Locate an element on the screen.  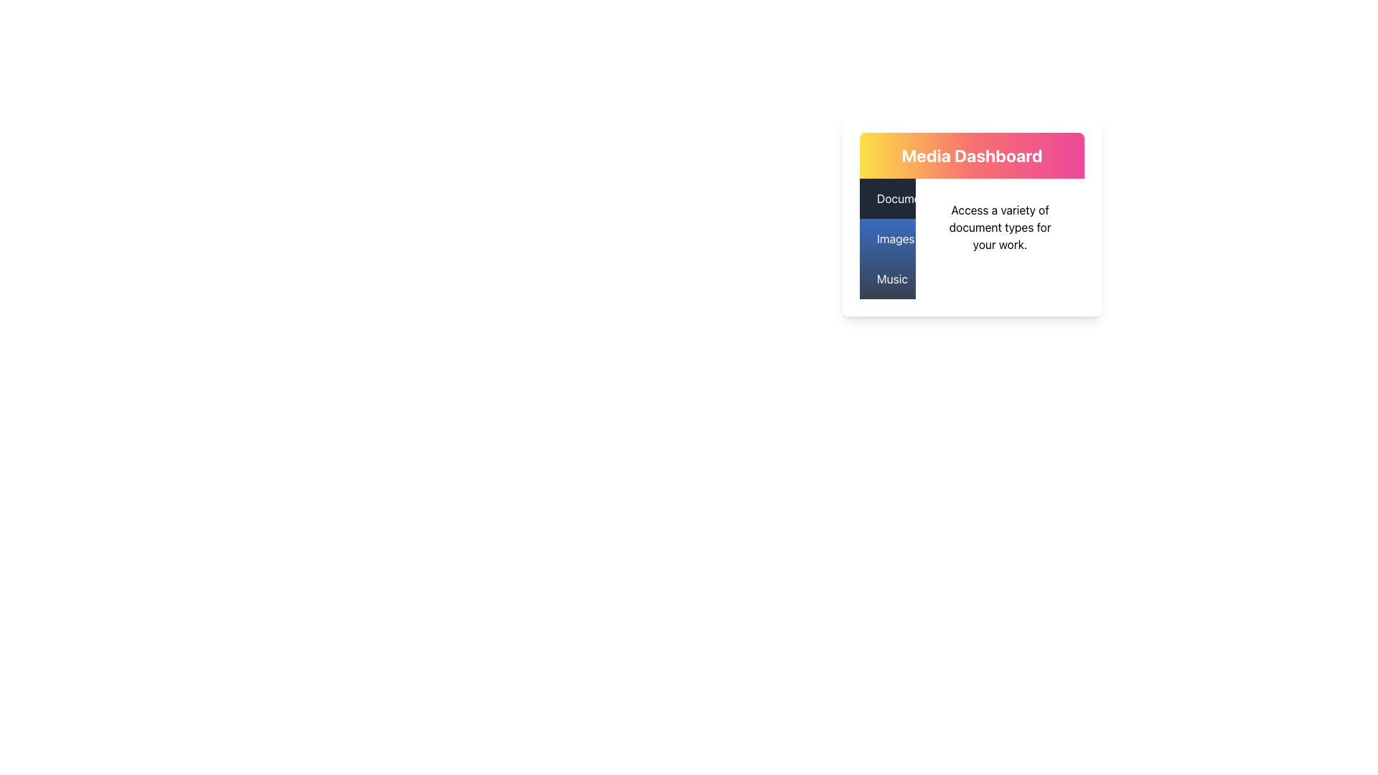
the 'Documents' navigation item in the vertical menu is located at coordinates (887, 199).